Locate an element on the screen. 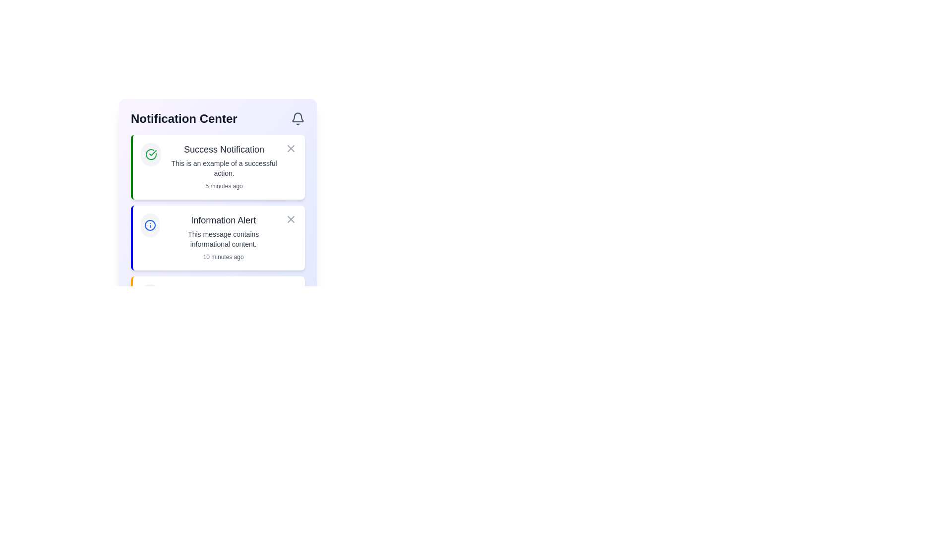  the close button represented by an 'X' symbol located in the upper-right corner of the 'Success Notification' card for accessibility interactions is located at coordinates (290, 149).